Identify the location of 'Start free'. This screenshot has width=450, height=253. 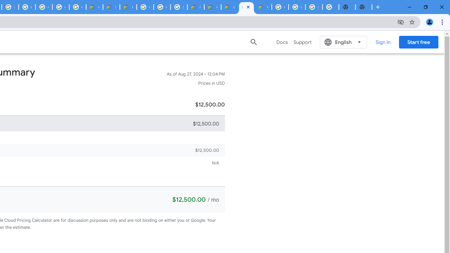
(418, 42).